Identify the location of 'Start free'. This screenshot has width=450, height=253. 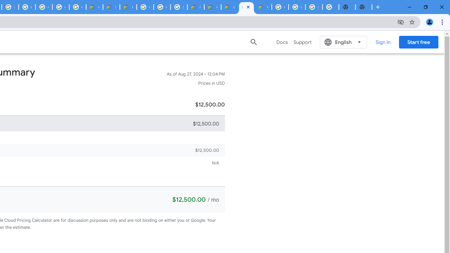
(418, 42).